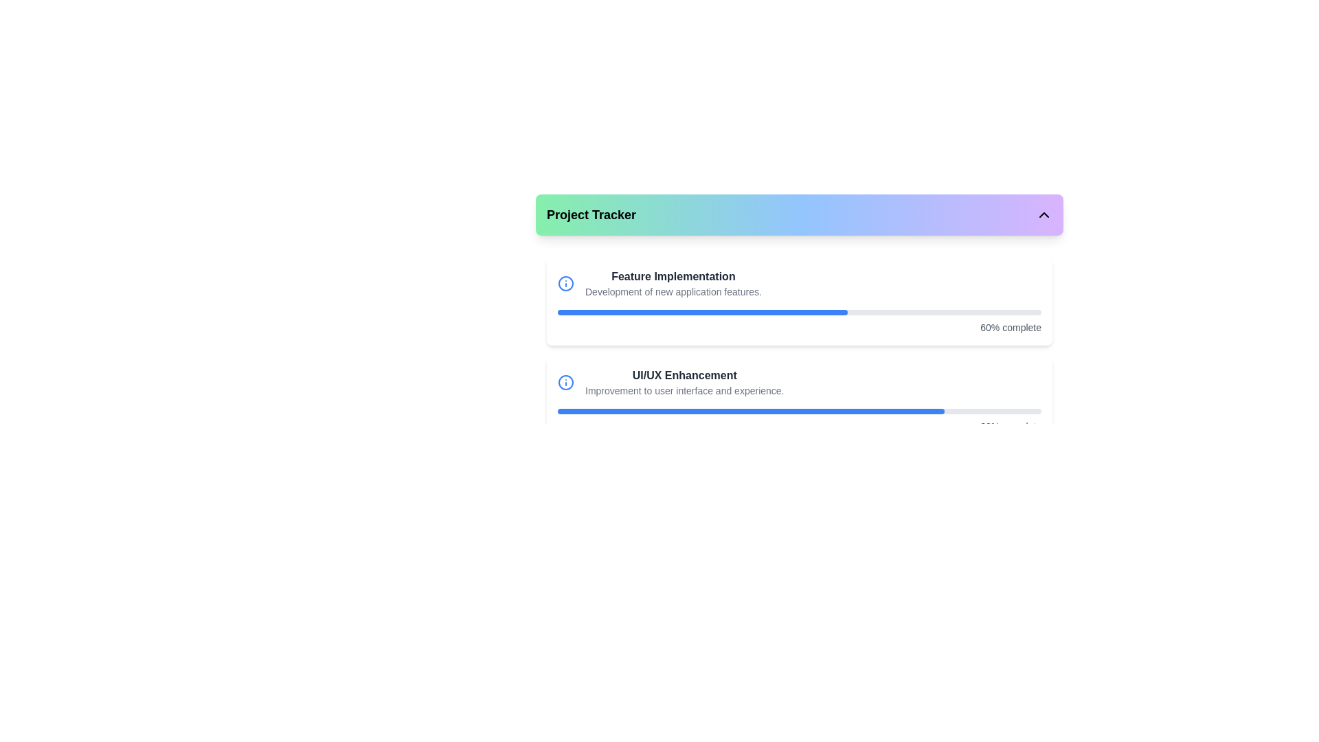 The height and width of the screenshot is (742, 1319). Describe the element at coordinates (799, 301) in the screenshot. I see `the Progress panel that provides information about the 'Feature Implementation' project` at that location.